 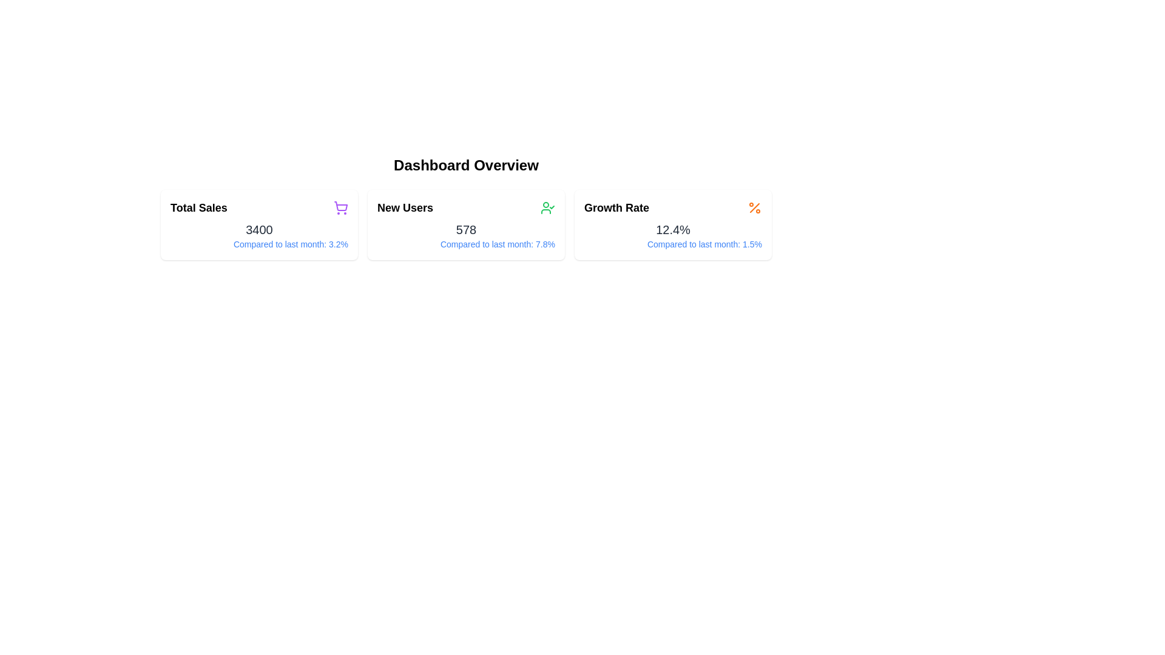 I want to click on the static text element displaying the total sales figure, which is located below the 'Total Sales' label and above the 'Compared to last month: 3.2%' text, so click(x=258, y=229).